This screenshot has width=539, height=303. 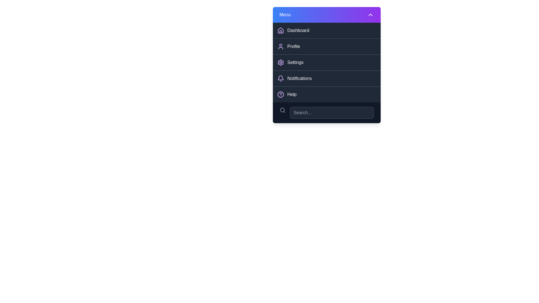 What do you see at coordinates (326, 46) in the screenshot?
I see `the 'Profile' button in the side panel` at bounding box center [326, 46].